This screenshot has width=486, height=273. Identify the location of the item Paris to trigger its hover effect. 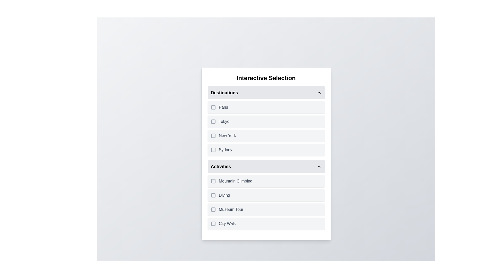
(266, 107).